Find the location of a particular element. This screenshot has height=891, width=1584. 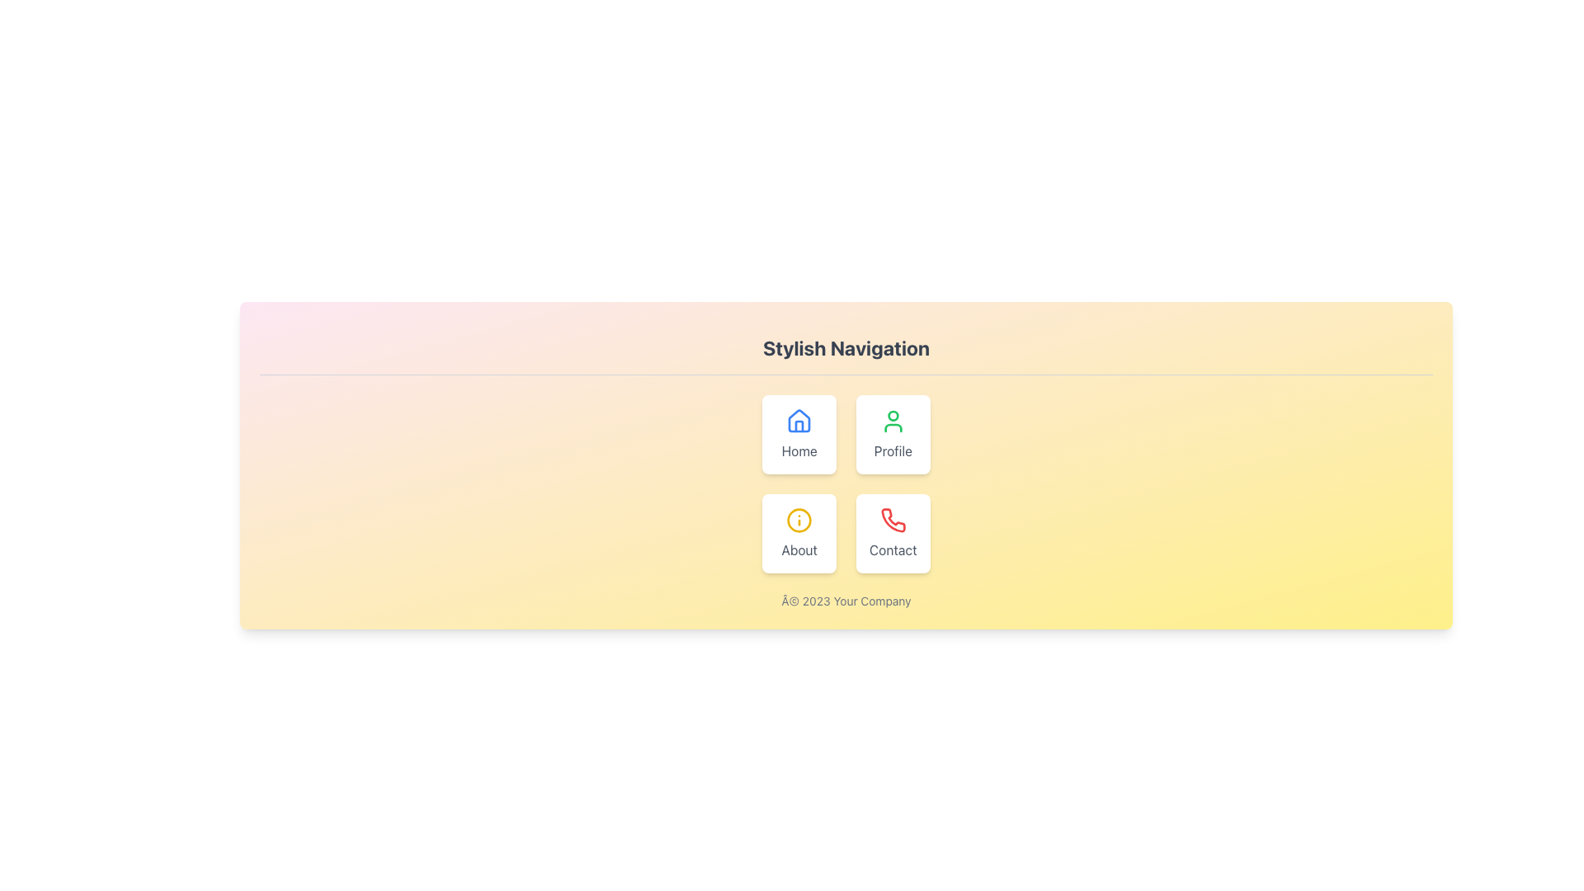

the text label 'Profile', which is styled in light gray and positioned below the user profile icon within the 'Profile' button is located at coordinates (892, 451).